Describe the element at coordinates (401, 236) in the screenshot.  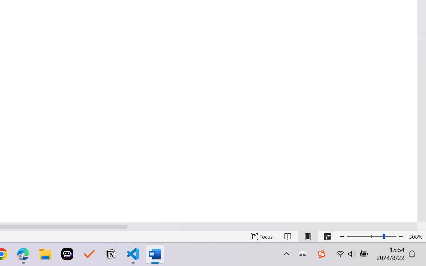
I see `'Zoom In'` at that location.